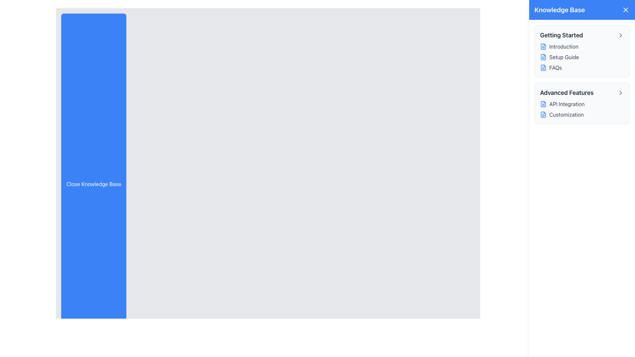 The width and height of the screenshot is (635, 357). Describe the element at coordinates (620, 35) in the screenshot. I see `the Chevron Right icon in the right-hand sidebar of the Knowledge Base section` at that location.